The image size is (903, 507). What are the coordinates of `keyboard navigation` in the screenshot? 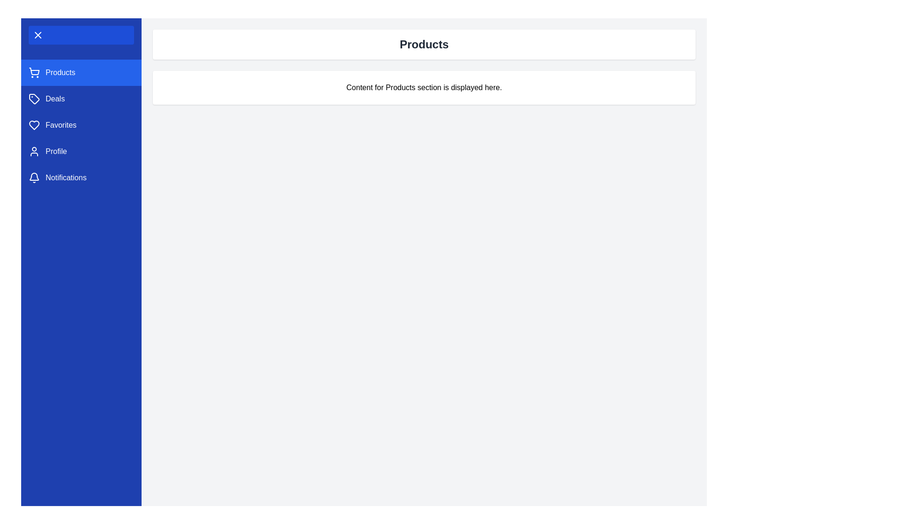 It's located at (81, 124).